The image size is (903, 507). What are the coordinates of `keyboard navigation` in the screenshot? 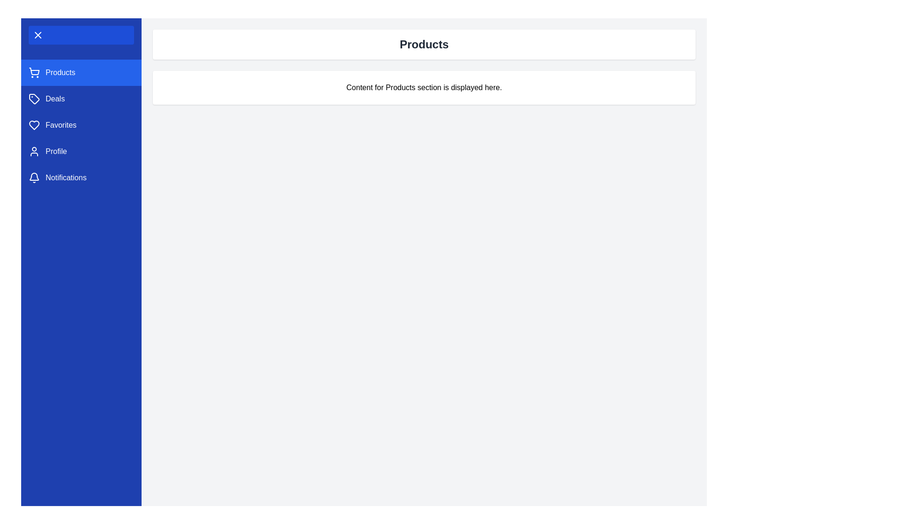 It's located at (81, 124).